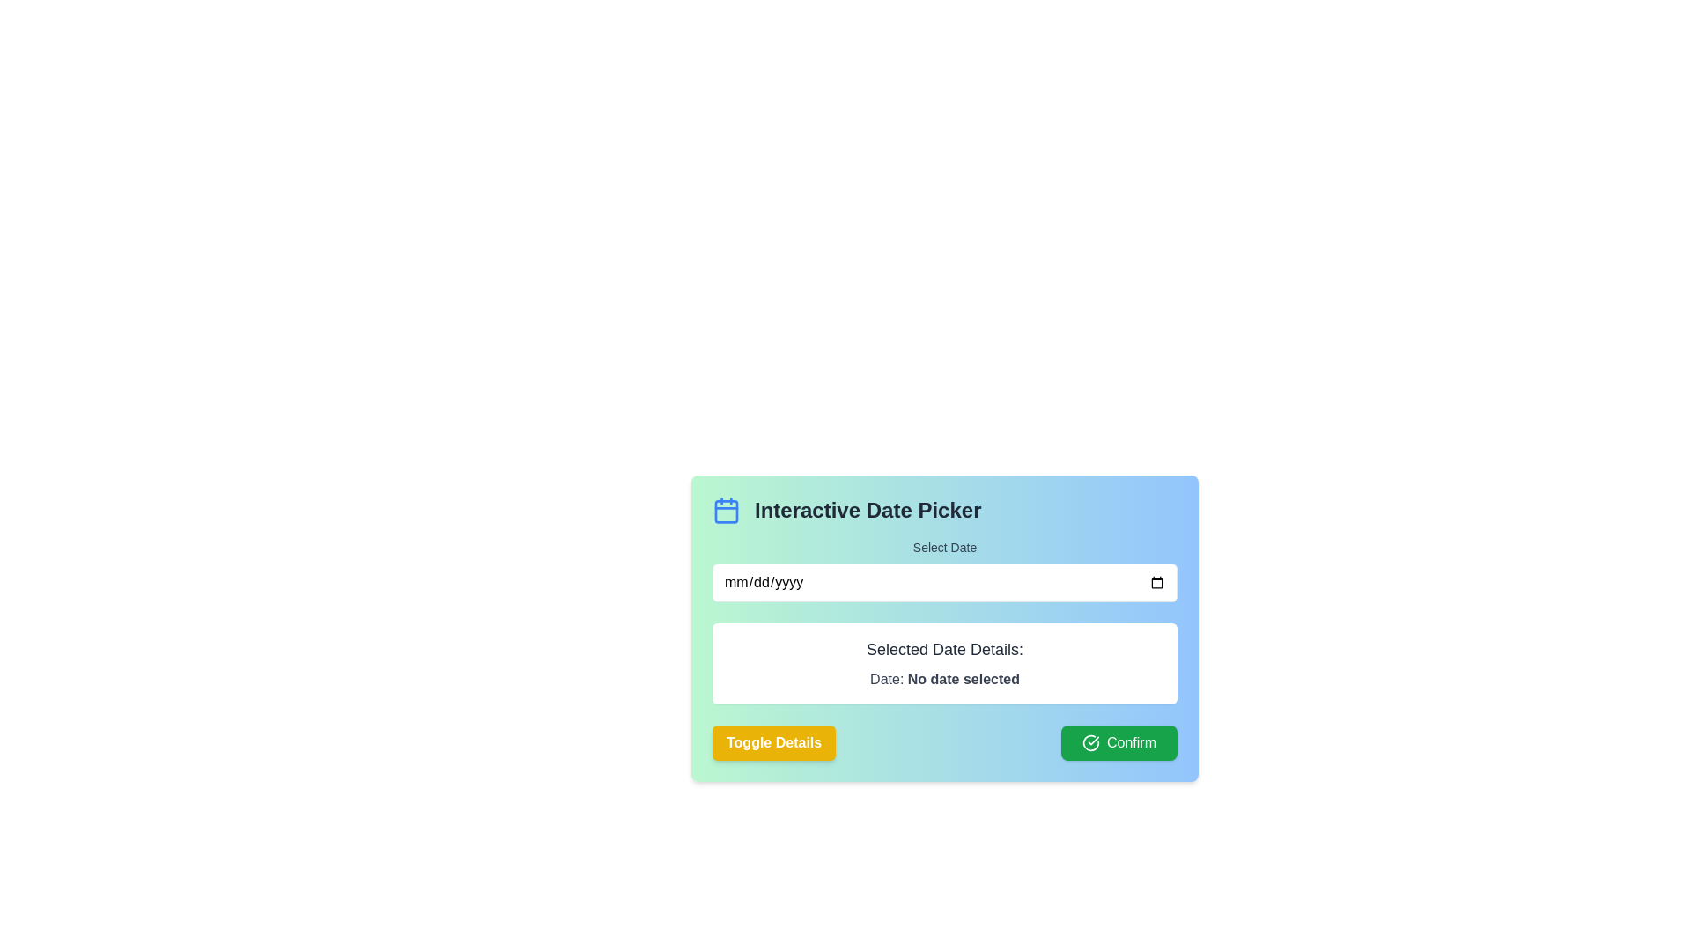  I want to click on the Text display panel that shows 'Selected Date Details:' and 'Date: No date selected', which is located below the 'Select Date' input field and above the 'Toggle Details' and 'Confirm' buttons, so click(944, 663).